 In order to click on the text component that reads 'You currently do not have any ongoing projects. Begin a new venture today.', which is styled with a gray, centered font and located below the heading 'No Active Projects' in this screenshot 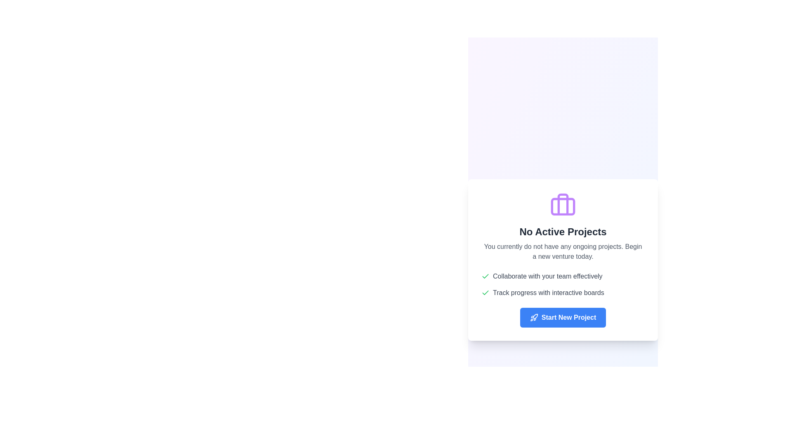, I will do `click(562, 251)`.